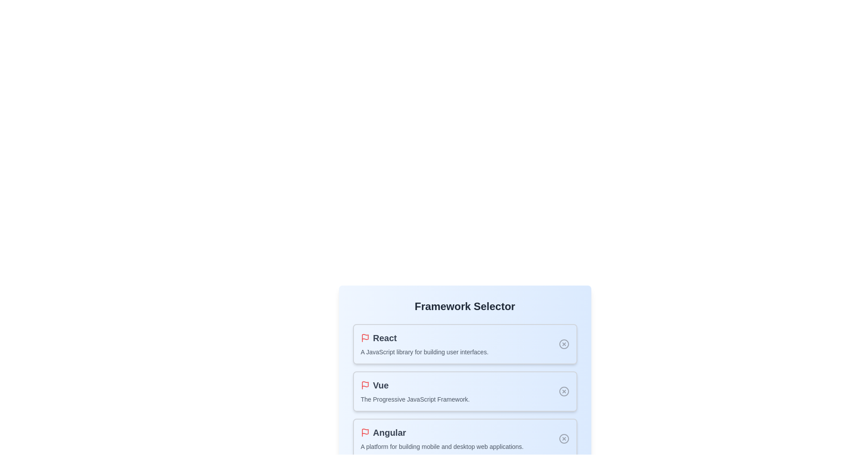 Image resolution: width=841 pixels, height=473 pixels. I want to click on the framework Angular by clicking on its container, so click(464, 439).